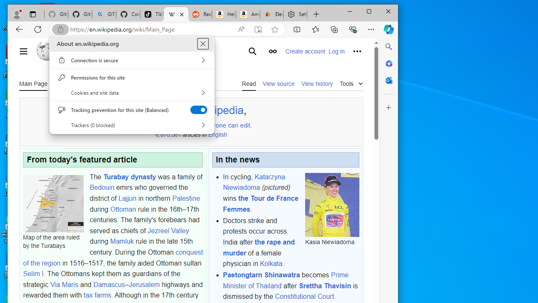 The width and height of the screenshot is (538, 303). Describe the element at coordinates (260, 204) in the screenshot. I see `'the Tour de France Femmes'` at that location.